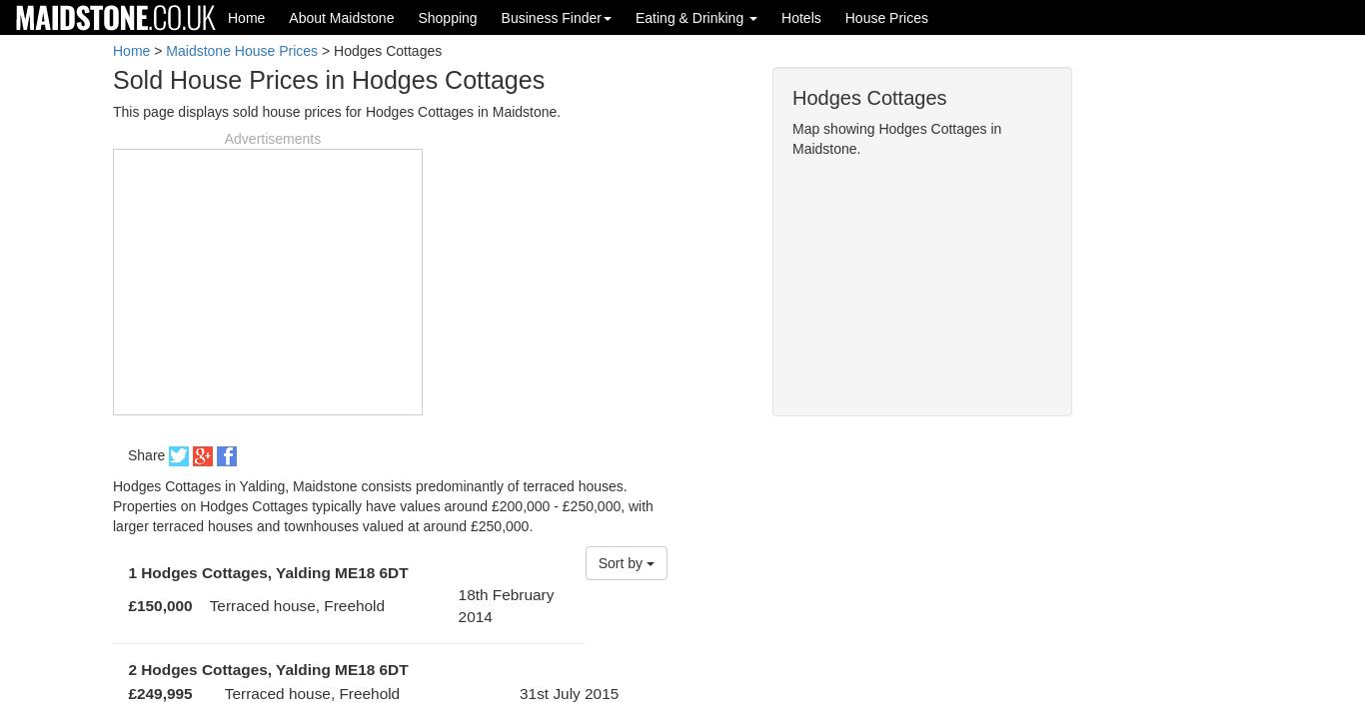 The image size is (1365, 722). Describe the element at coordinates (569, 691) in the screenshot. I see `'31st July 2015'` at that location.